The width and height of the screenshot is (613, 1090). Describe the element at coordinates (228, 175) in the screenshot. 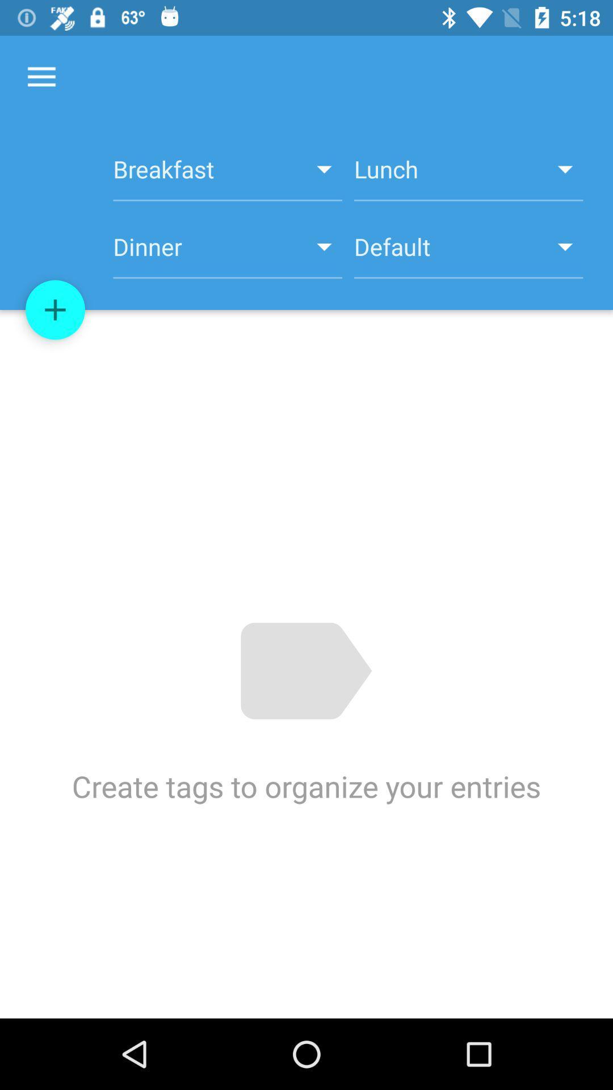

I see `icon to the left of the lunch icon` at that location.